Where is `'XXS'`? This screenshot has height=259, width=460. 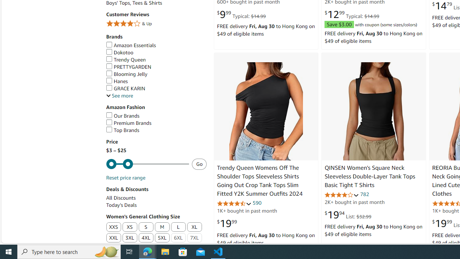 'XXS' is located at coordinates (113, 227).